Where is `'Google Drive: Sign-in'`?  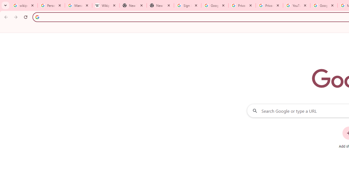 'Google Drive: Sign-in' is located at coordinates (215, 5).